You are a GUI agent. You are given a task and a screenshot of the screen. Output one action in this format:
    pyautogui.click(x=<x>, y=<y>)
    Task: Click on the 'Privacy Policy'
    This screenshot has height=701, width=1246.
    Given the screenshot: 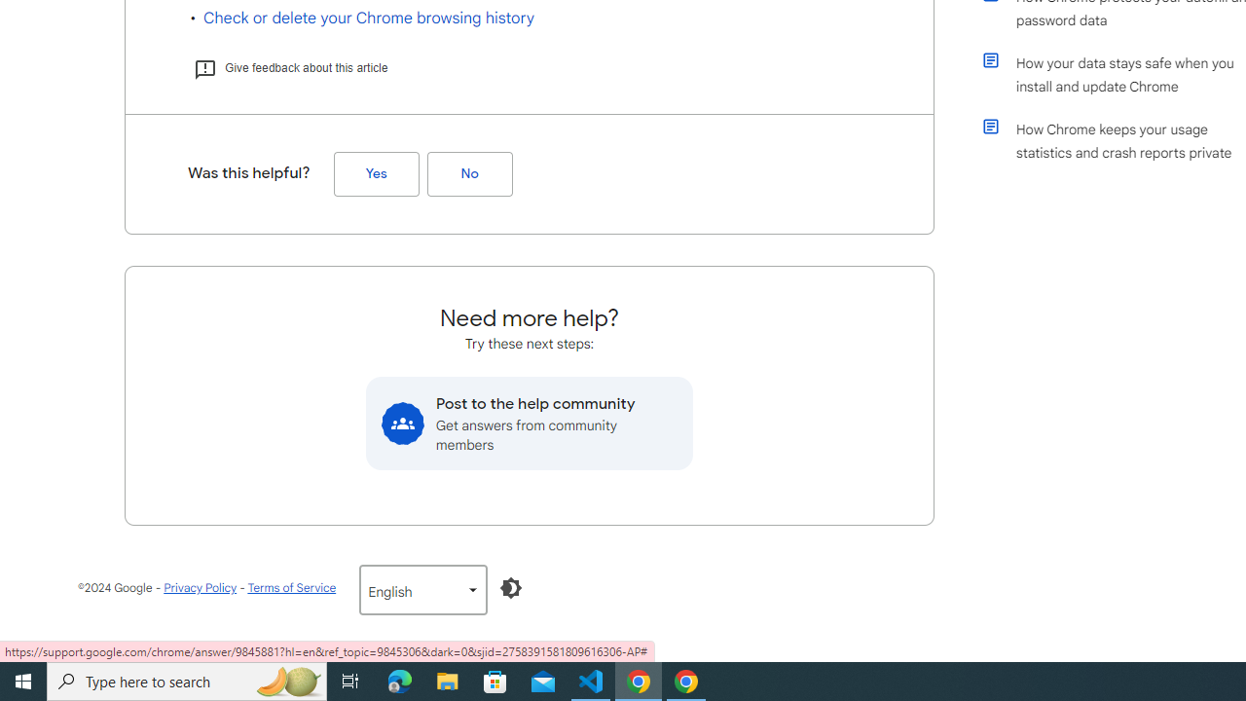 What is the action you would take?
    pyautogui.click(x=201, y=586)
    